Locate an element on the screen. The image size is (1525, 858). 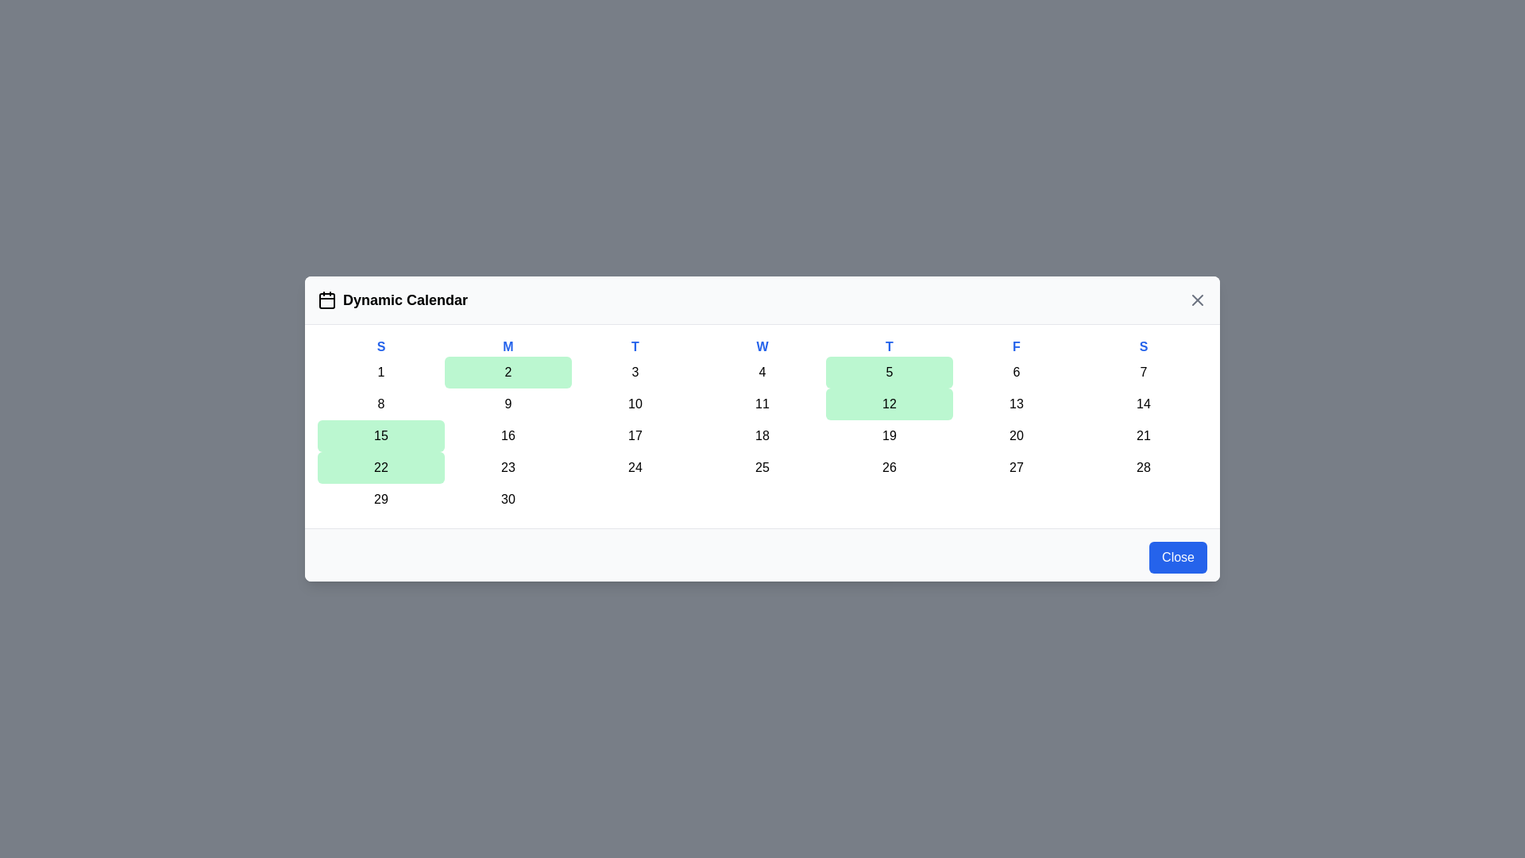
the day cell corresponding to 26 is located at coordinates (888, 467).